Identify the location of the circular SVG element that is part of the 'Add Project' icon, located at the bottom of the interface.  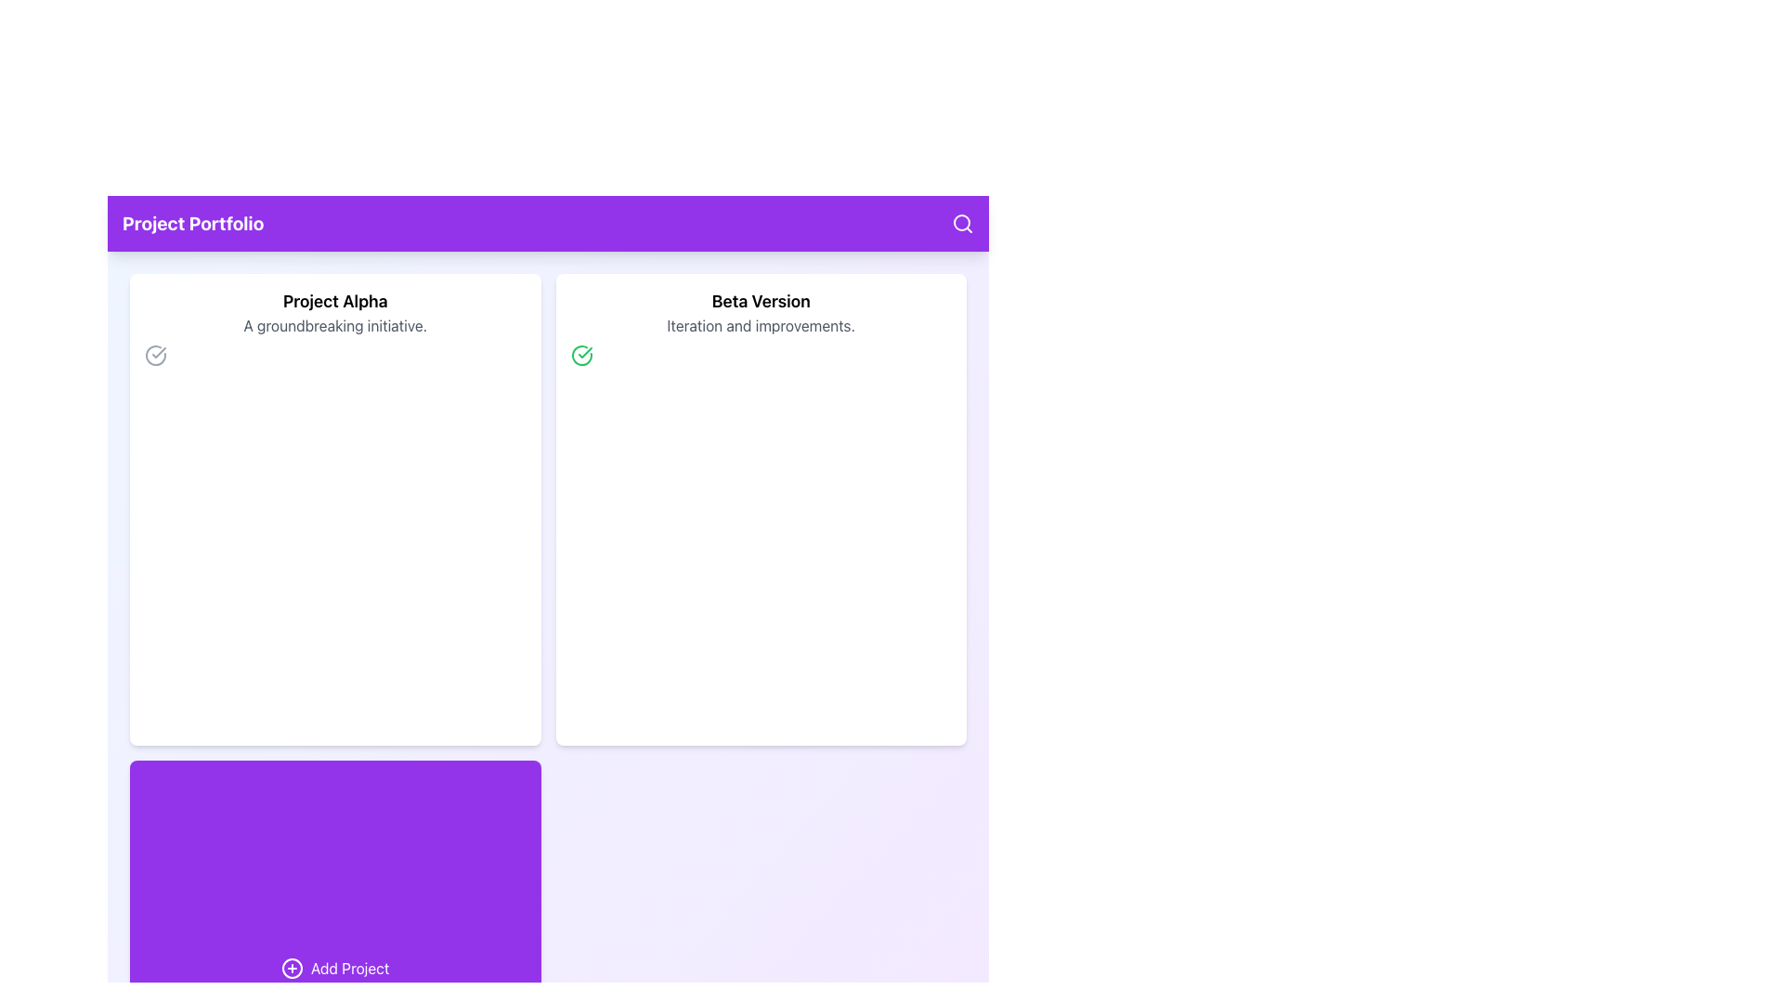
(292, 967).